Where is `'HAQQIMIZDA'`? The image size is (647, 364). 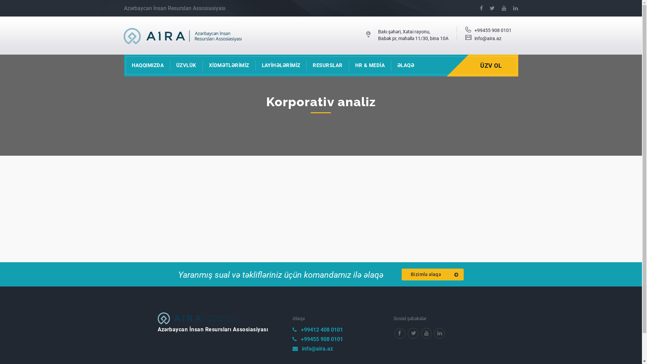 'HAQQIMIZDA' is located at coordinates (147, 65).